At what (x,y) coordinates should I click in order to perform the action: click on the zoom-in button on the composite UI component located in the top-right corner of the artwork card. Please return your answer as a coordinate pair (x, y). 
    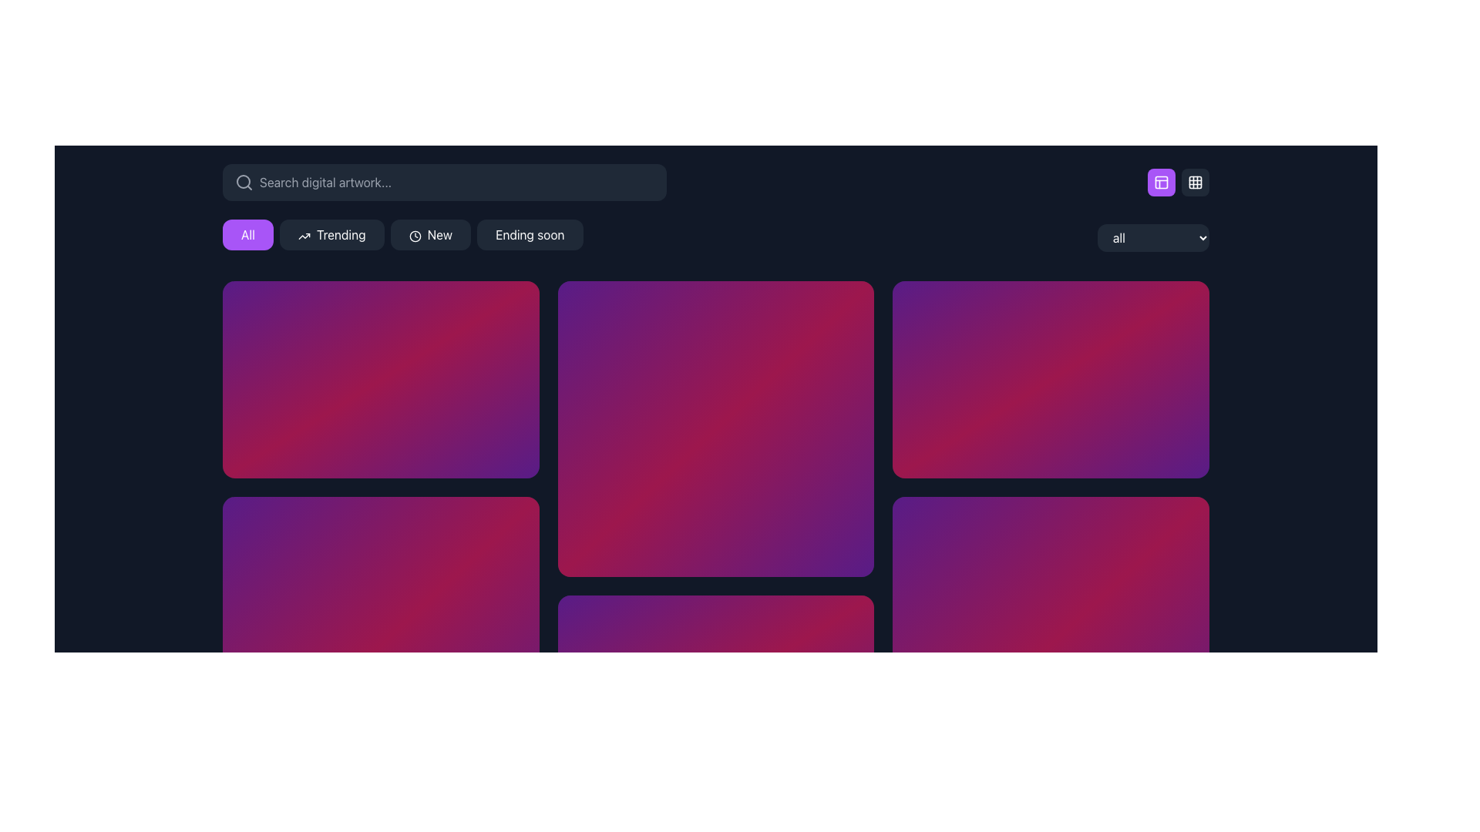
    Looking at the image, I should click on (496, 307).